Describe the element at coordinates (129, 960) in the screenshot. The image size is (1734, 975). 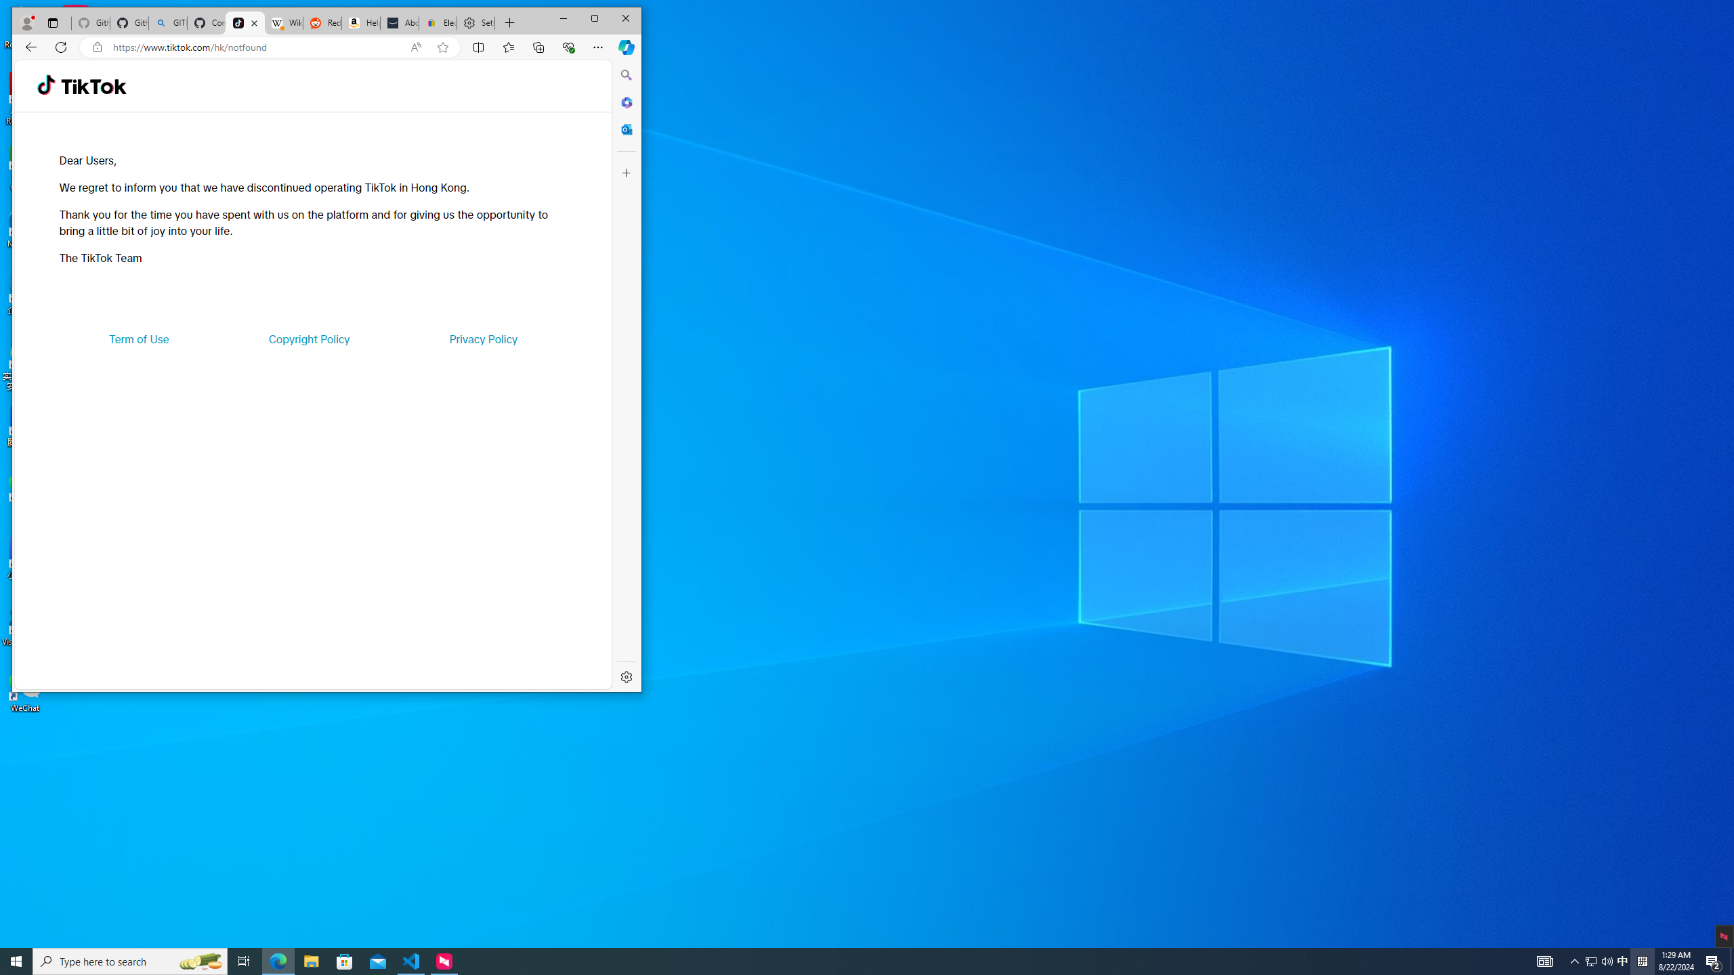
I see `'Type here to search'` at that location.